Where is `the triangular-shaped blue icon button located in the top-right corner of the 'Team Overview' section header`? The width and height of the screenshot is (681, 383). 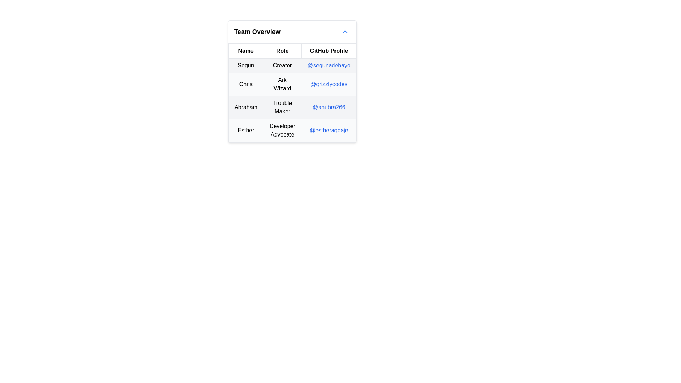
the triangular-shaped blue icon button located in the top-right corner of the 'Team Overview' section header is located at coordinates (345, 31).